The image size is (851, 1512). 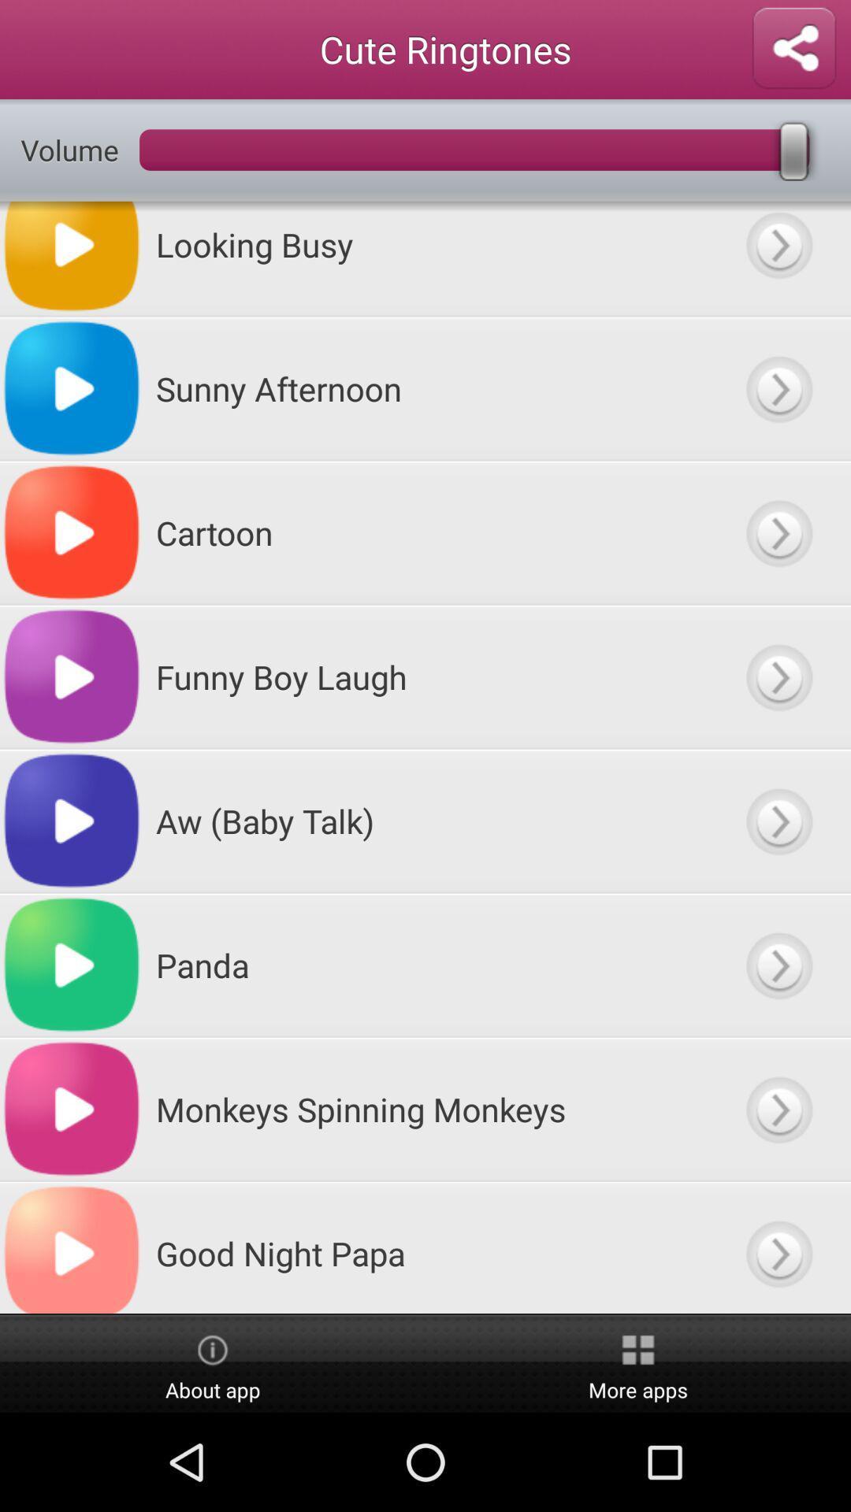 What do you see at coordinates (778, 532) in the screenshot?
I see `next user` at bounding box center [778, 532].